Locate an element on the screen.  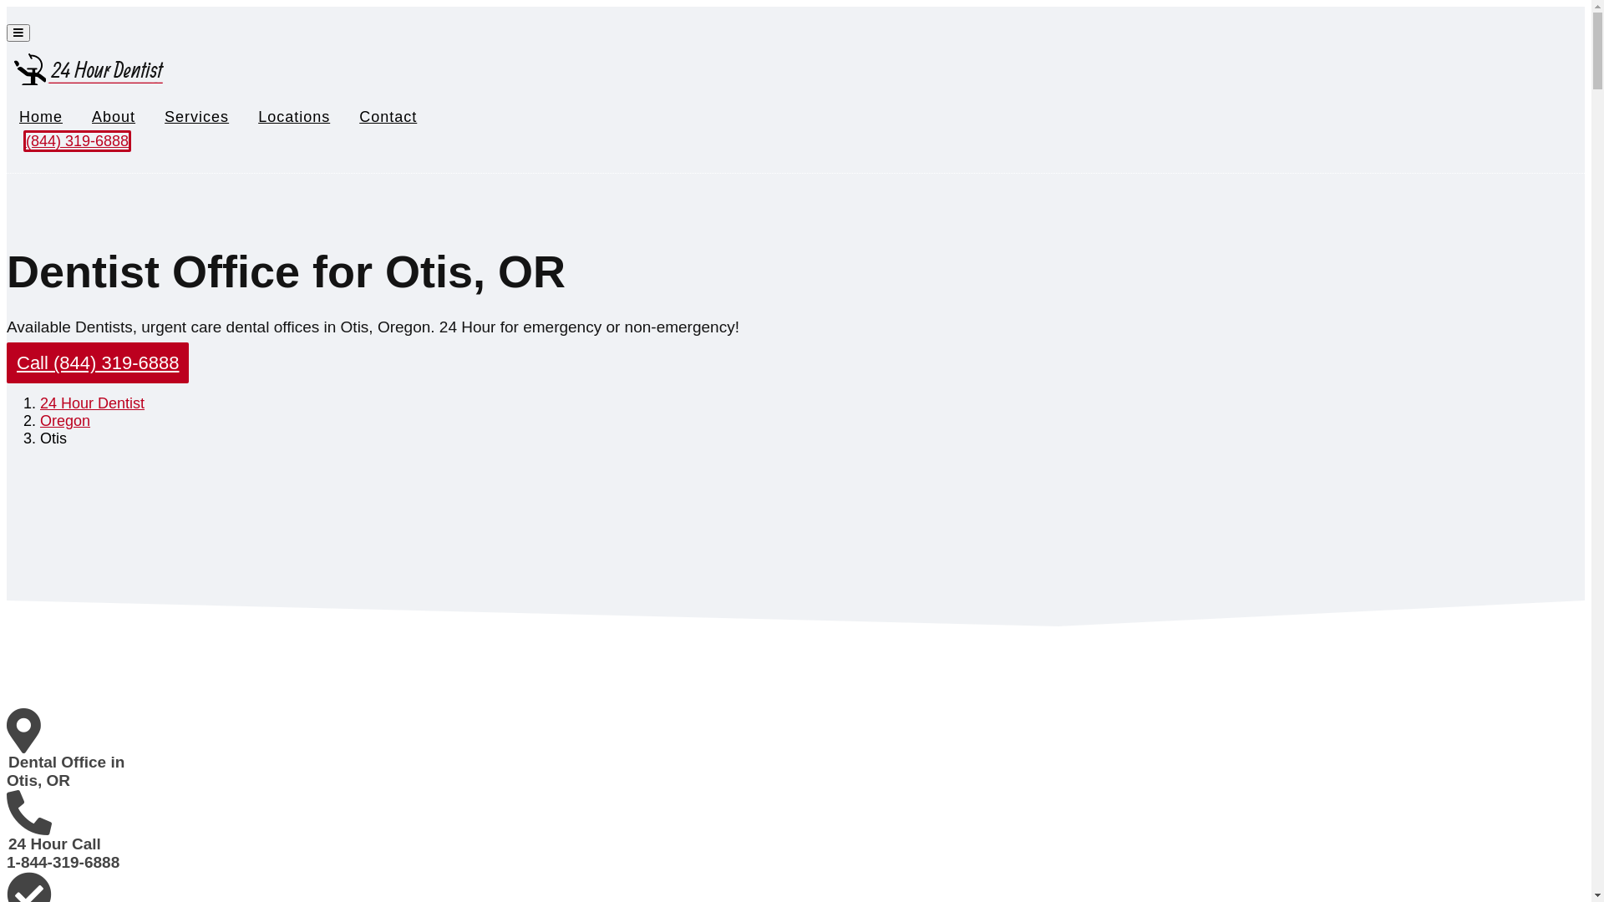
'Contact' is located at coordinates (387, 115).